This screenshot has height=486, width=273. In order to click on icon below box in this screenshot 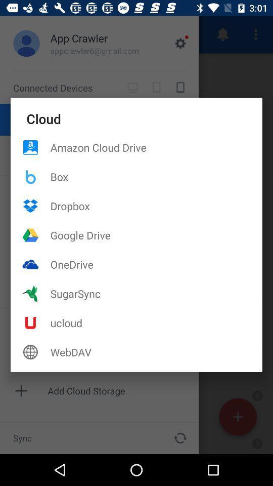, I will do `click(156, 205)`.